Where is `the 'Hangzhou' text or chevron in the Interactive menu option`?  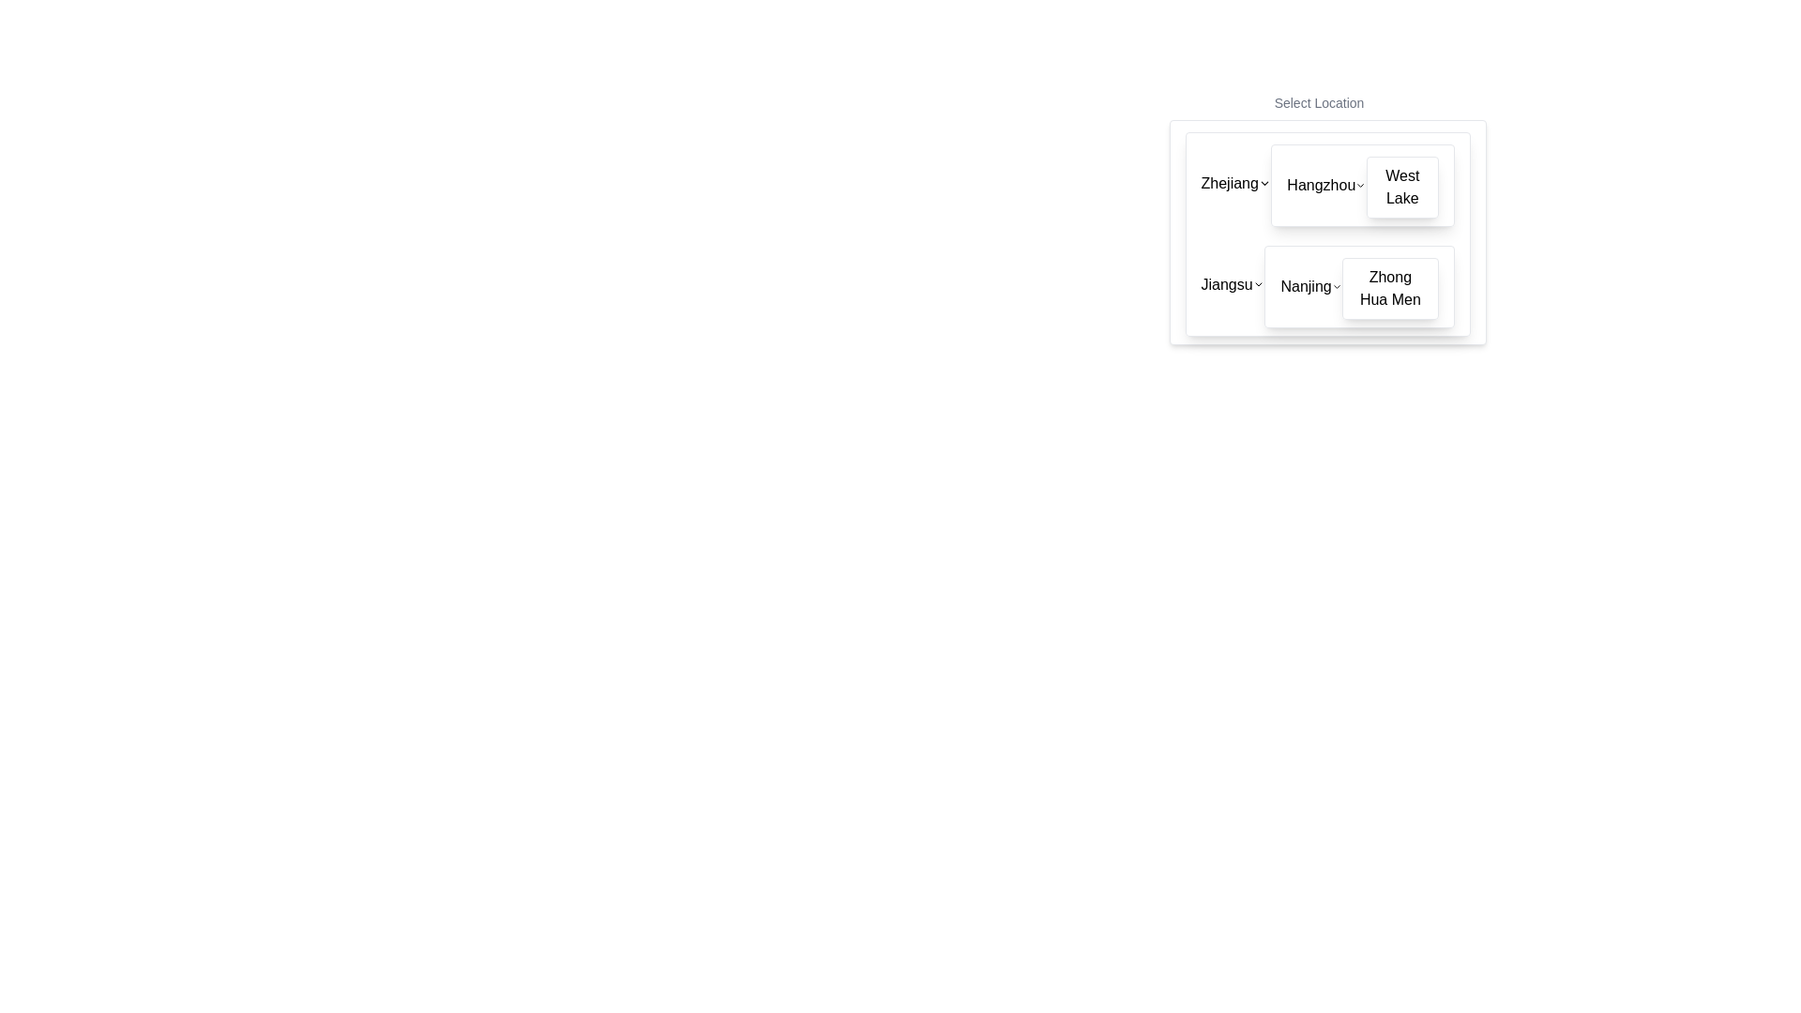 the 'Hangzhou' text or chevron in the Interactive menu option is located at coordinates (1326, 184).